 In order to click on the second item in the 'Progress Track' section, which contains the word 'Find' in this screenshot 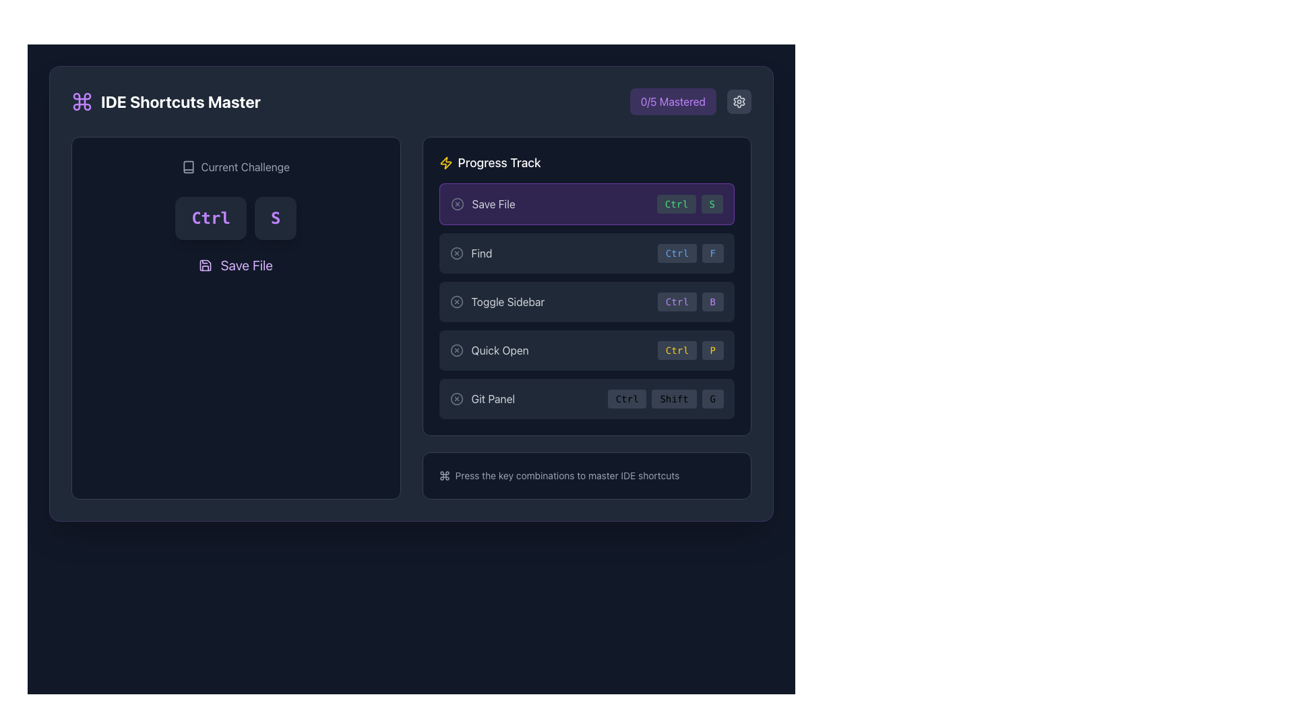, I will do `click(586, 253)`.